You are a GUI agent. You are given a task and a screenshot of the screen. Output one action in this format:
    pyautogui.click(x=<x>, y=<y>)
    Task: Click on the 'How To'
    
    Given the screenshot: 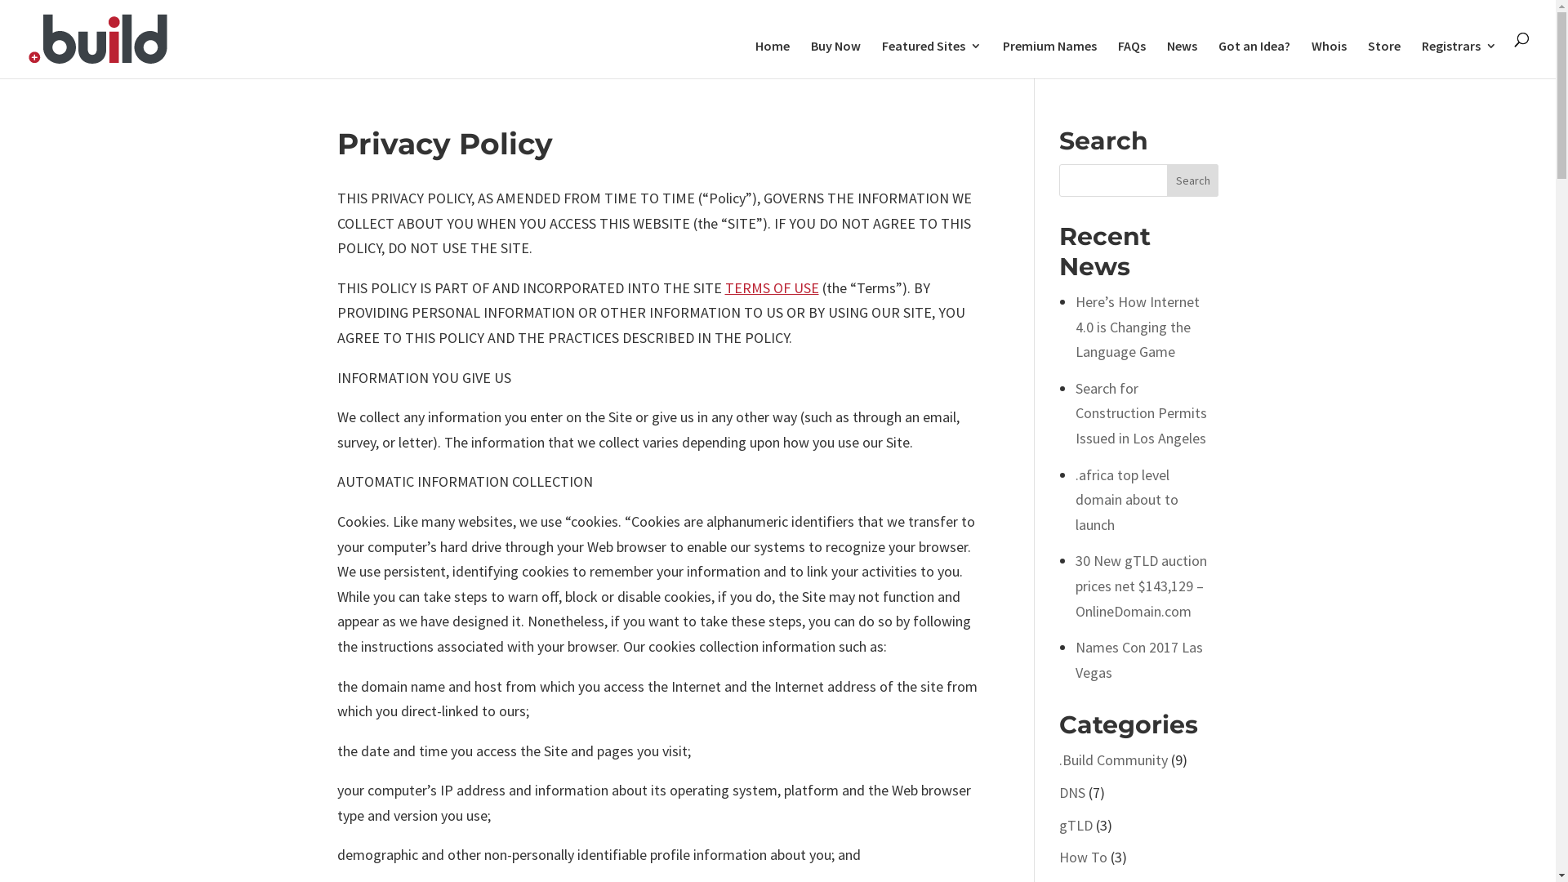 What is the action you would take?
    pyautogui.click(x=1083, y=856)
    